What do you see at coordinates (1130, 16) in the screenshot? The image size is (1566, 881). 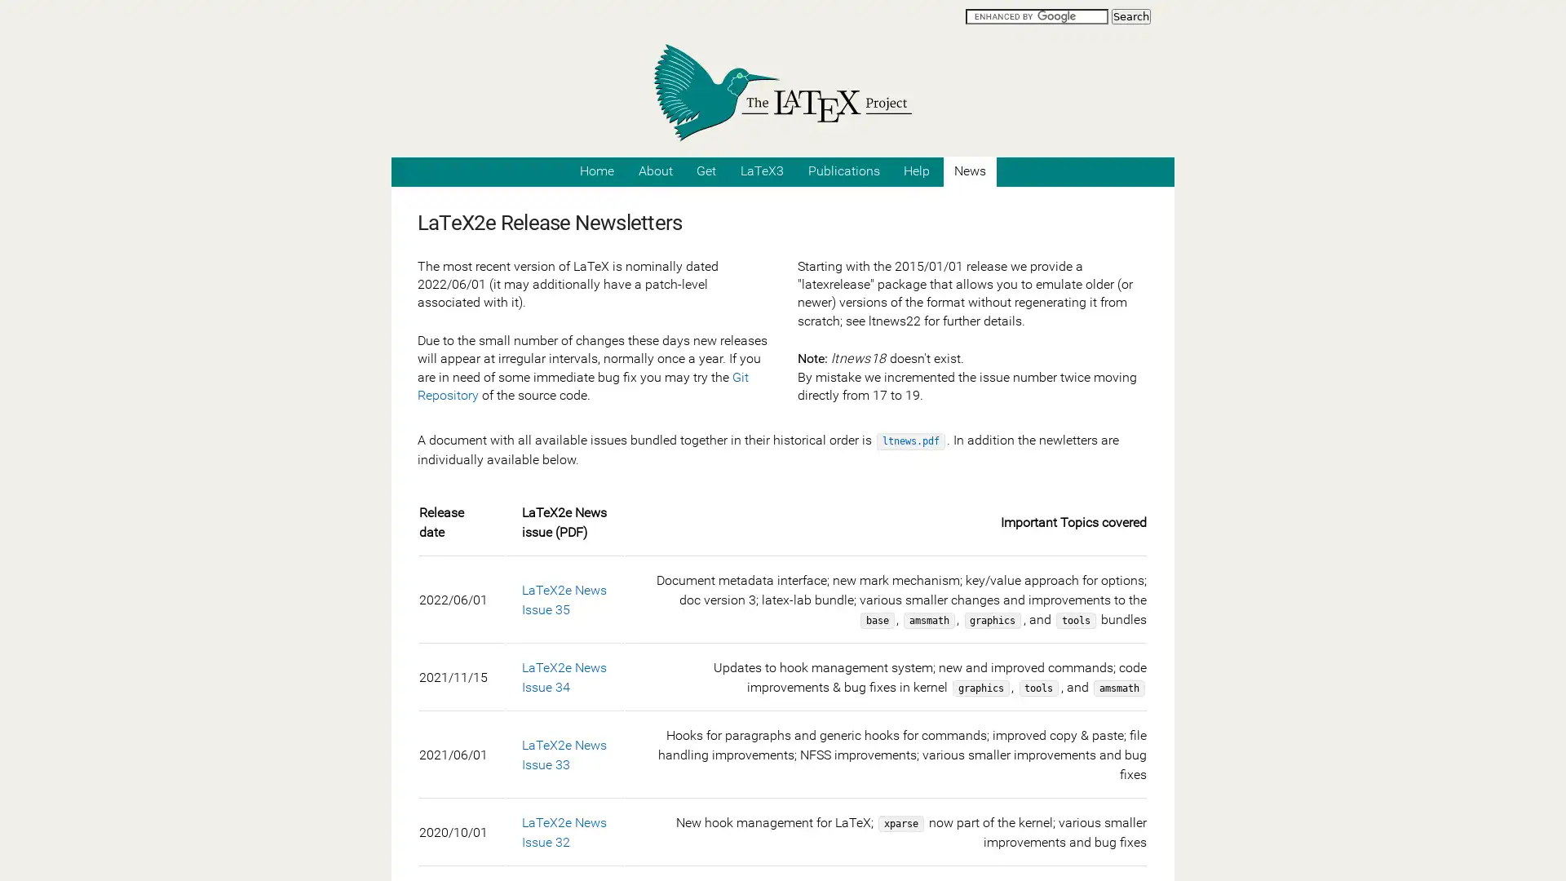 I see `Search` at bounding box center [1130, 16].